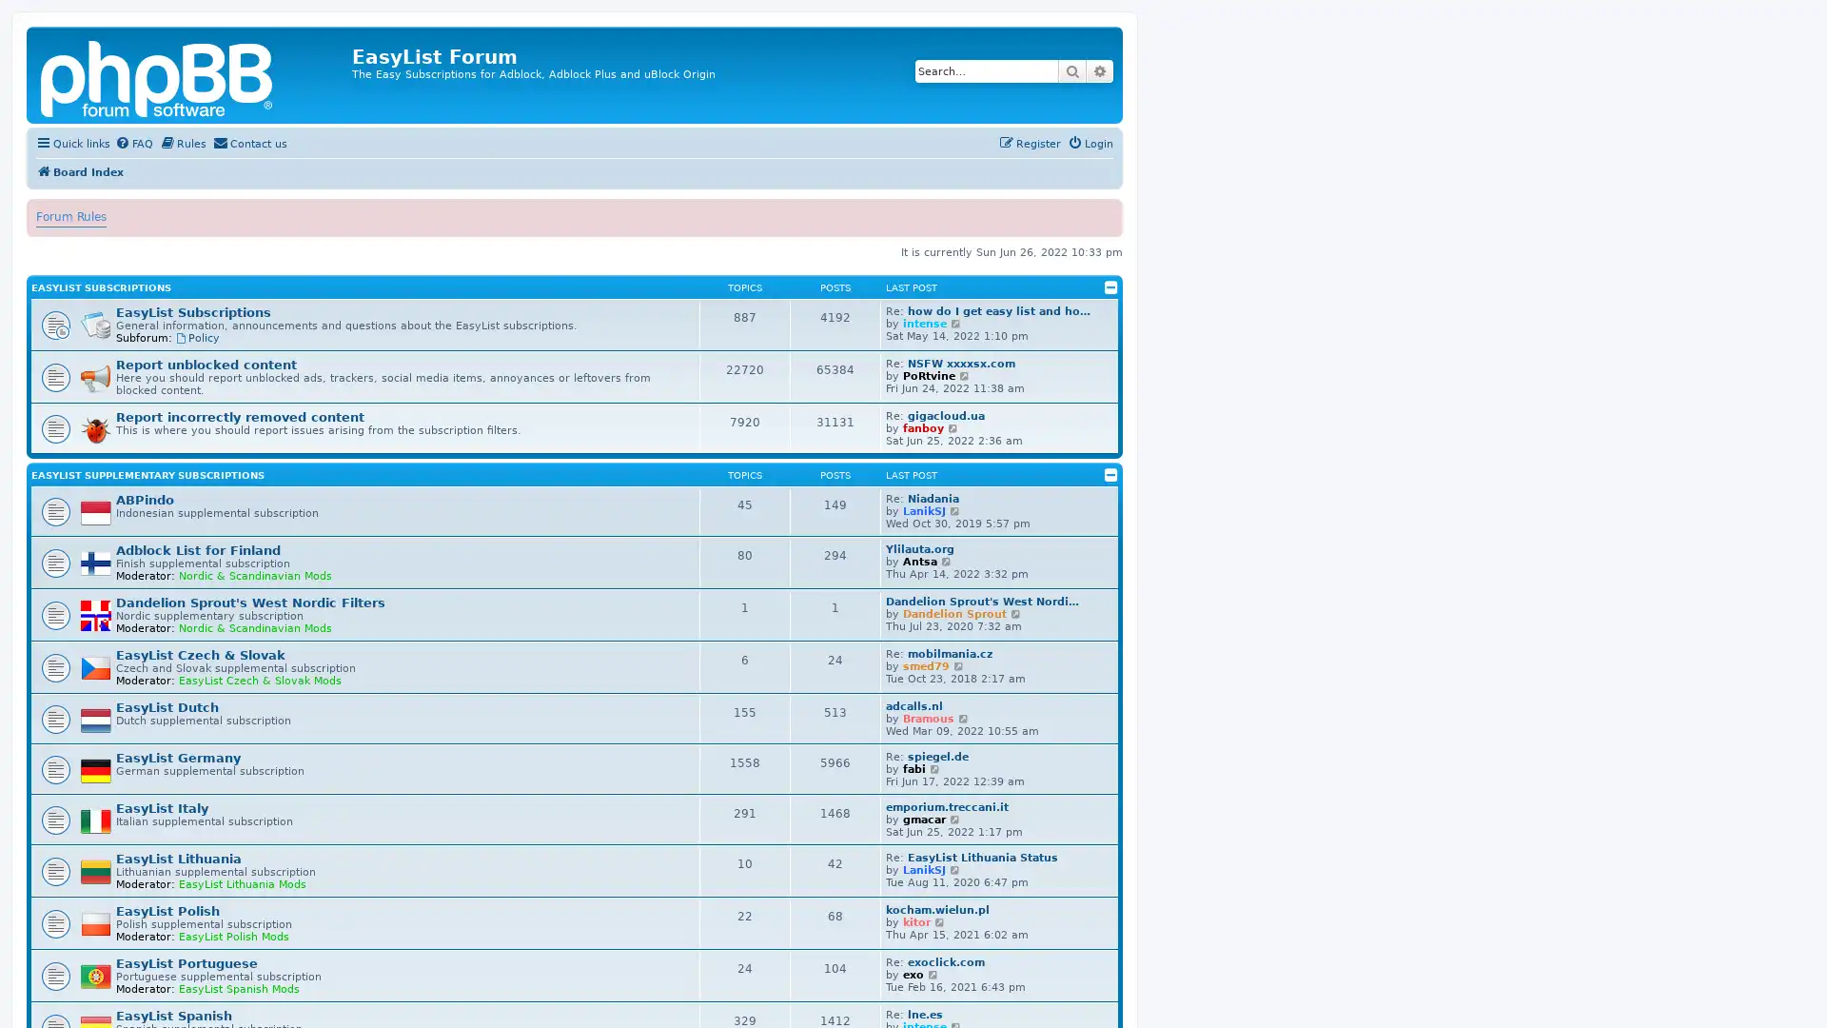  What do you see at coordinates (1072, 69) in the screenshot?
I see `Search` at bounding box center [1072, 69].